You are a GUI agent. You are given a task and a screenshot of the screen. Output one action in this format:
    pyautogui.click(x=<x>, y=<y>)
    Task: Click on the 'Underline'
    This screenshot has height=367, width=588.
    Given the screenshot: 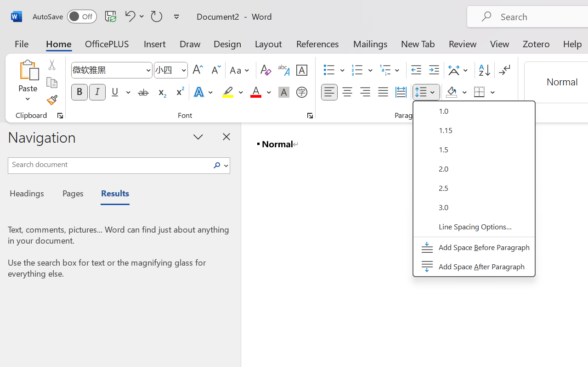 What is the action you would take?
    pyautogui.click(x=119, y=92)
    